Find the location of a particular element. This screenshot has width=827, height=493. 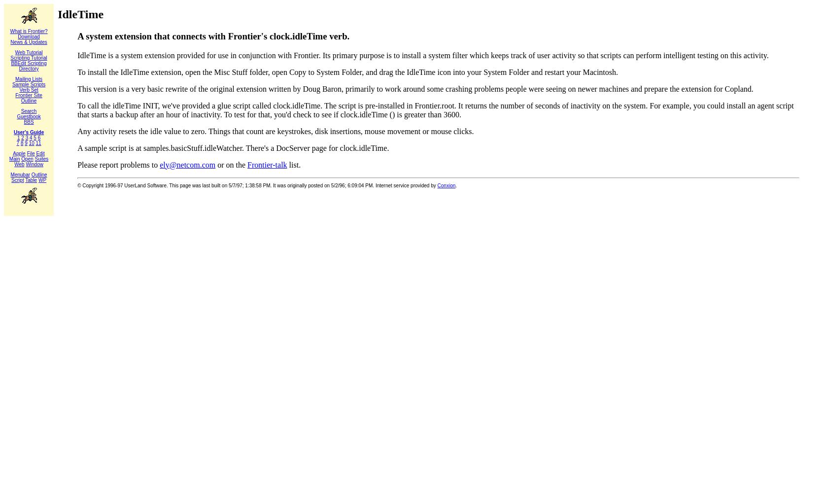

'3' is located at coordinates (27, 138).